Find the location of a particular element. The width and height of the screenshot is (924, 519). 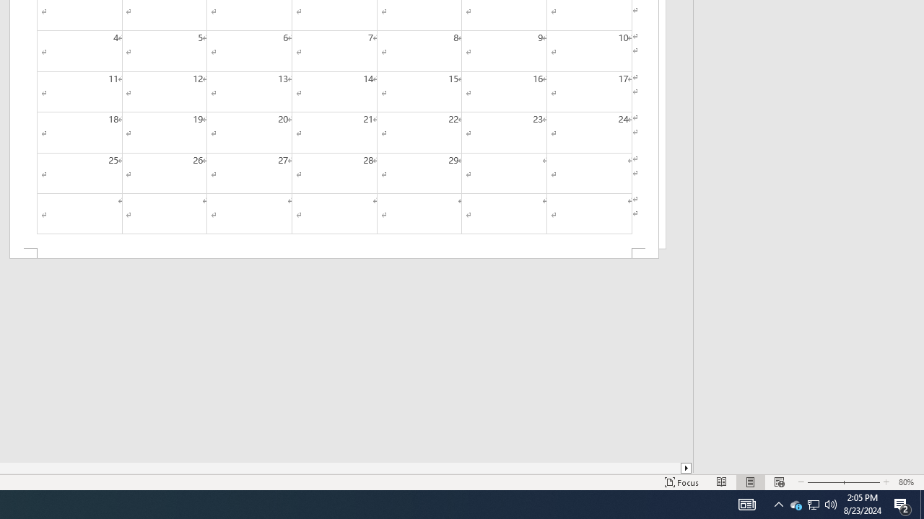

'Footer -Section 2-' is located at coordinates (333, 252).